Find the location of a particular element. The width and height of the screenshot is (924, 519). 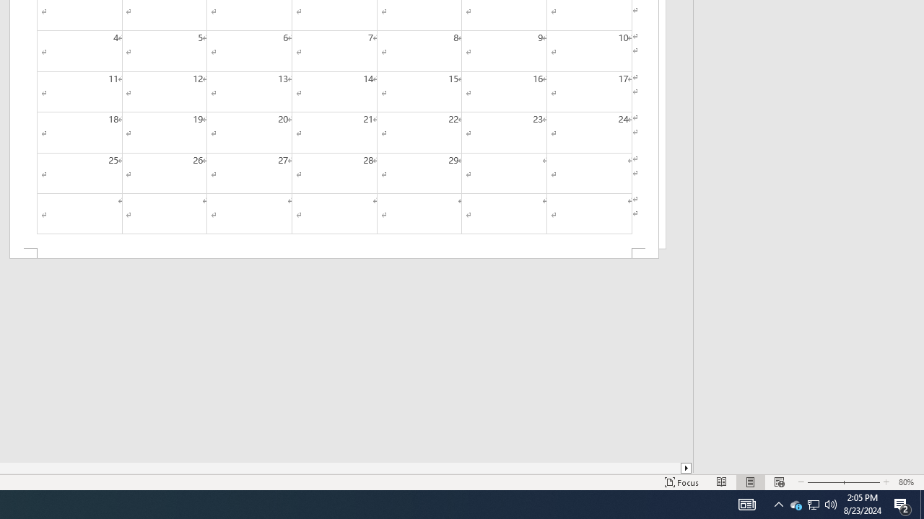

'Footer -Section 2-' is located at coordinates (333, 252).